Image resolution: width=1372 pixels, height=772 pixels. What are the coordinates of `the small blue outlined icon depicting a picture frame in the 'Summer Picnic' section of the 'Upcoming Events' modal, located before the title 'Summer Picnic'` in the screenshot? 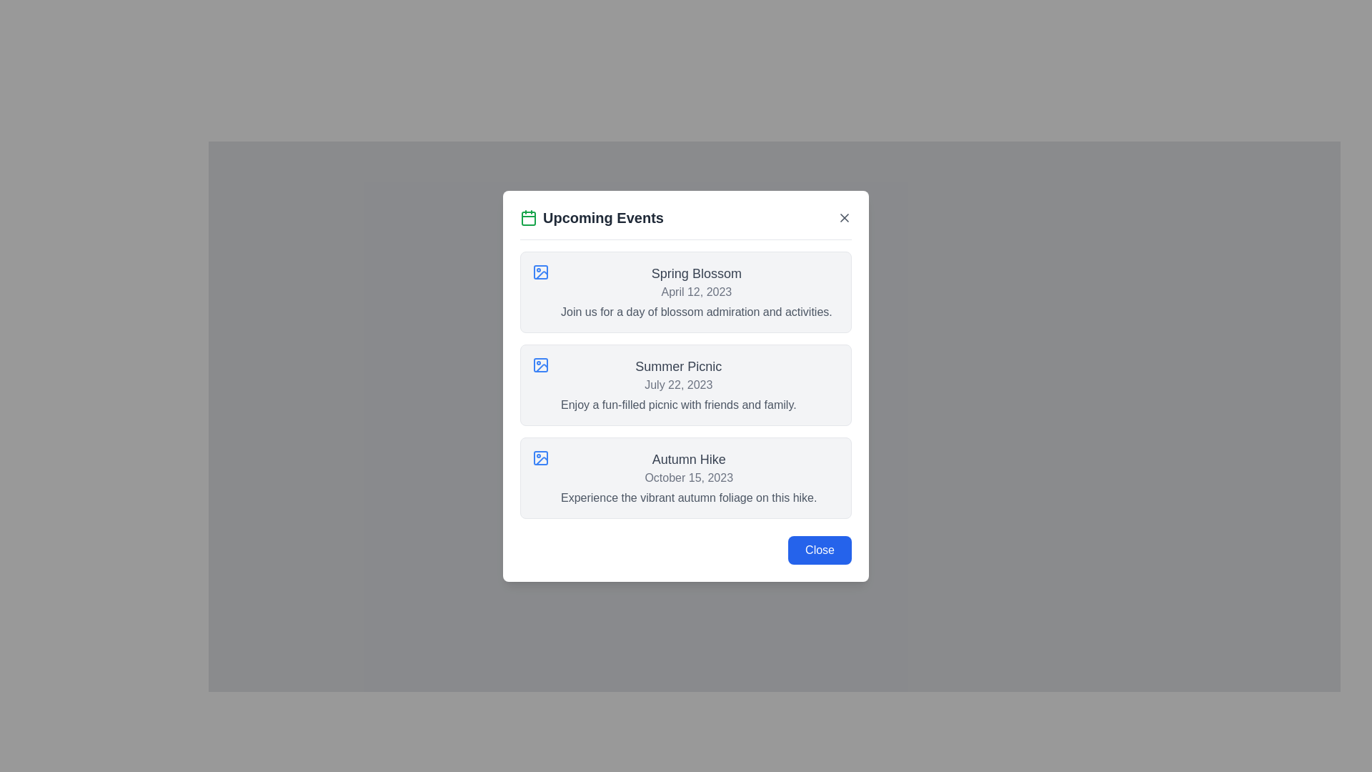 It's located at (540, 364).